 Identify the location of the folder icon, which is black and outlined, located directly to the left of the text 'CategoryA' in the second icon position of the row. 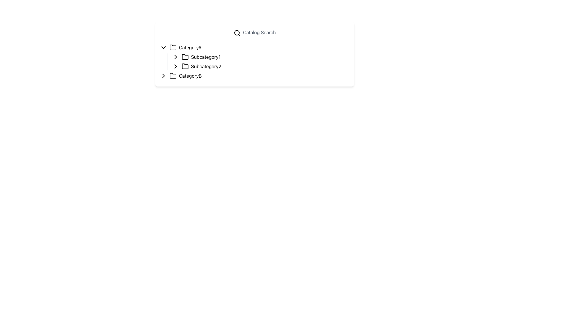
(173, 47).